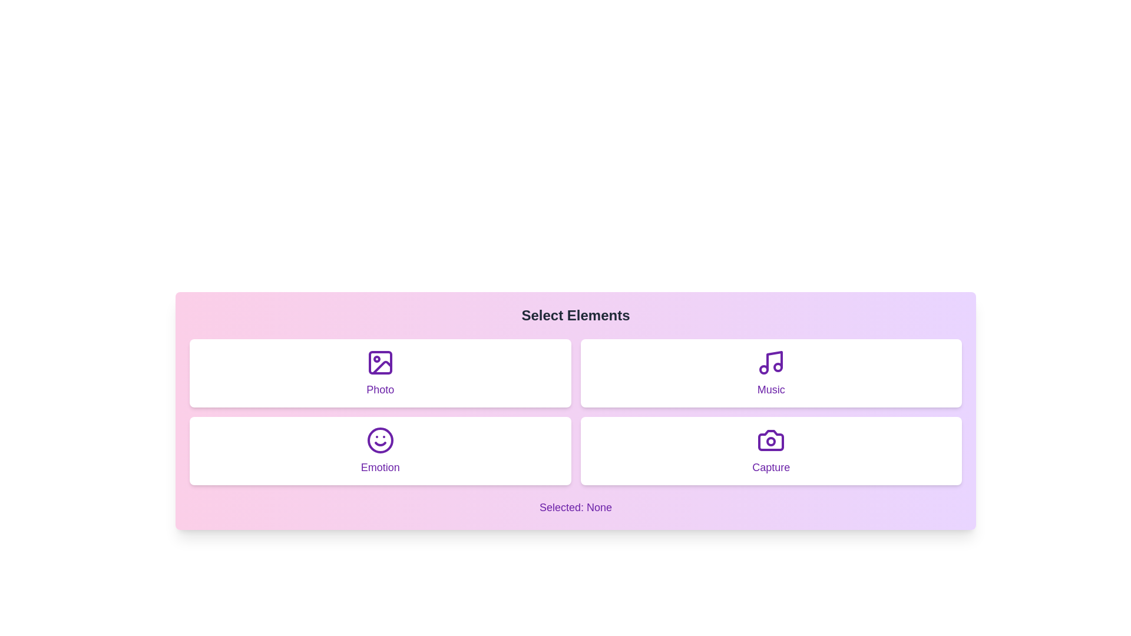 The width and height of the screenshot is (1131, 636). Describe the element at coordinates (380, 450) in the screenshot. I see `the element labeled Emotion` at that location.